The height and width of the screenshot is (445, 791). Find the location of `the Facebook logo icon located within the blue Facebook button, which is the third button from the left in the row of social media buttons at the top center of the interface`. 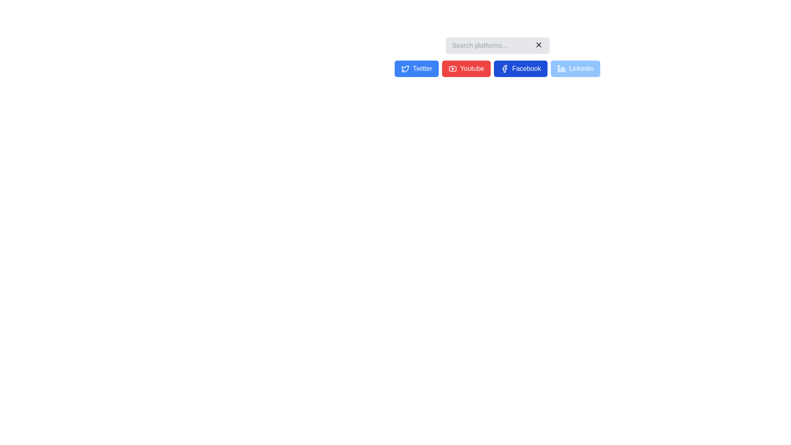

the Facebook logo icon located within the blue Facebook button, which is the third button from the left in the row of social media buttons at the top center of the interface is located at coordinates (504, 68).